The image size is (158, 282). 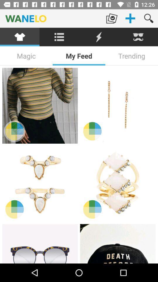 What do you see at coordinates (92, 131) in the screenshot?
I see `color pallet` at bounding box center [92, 131].